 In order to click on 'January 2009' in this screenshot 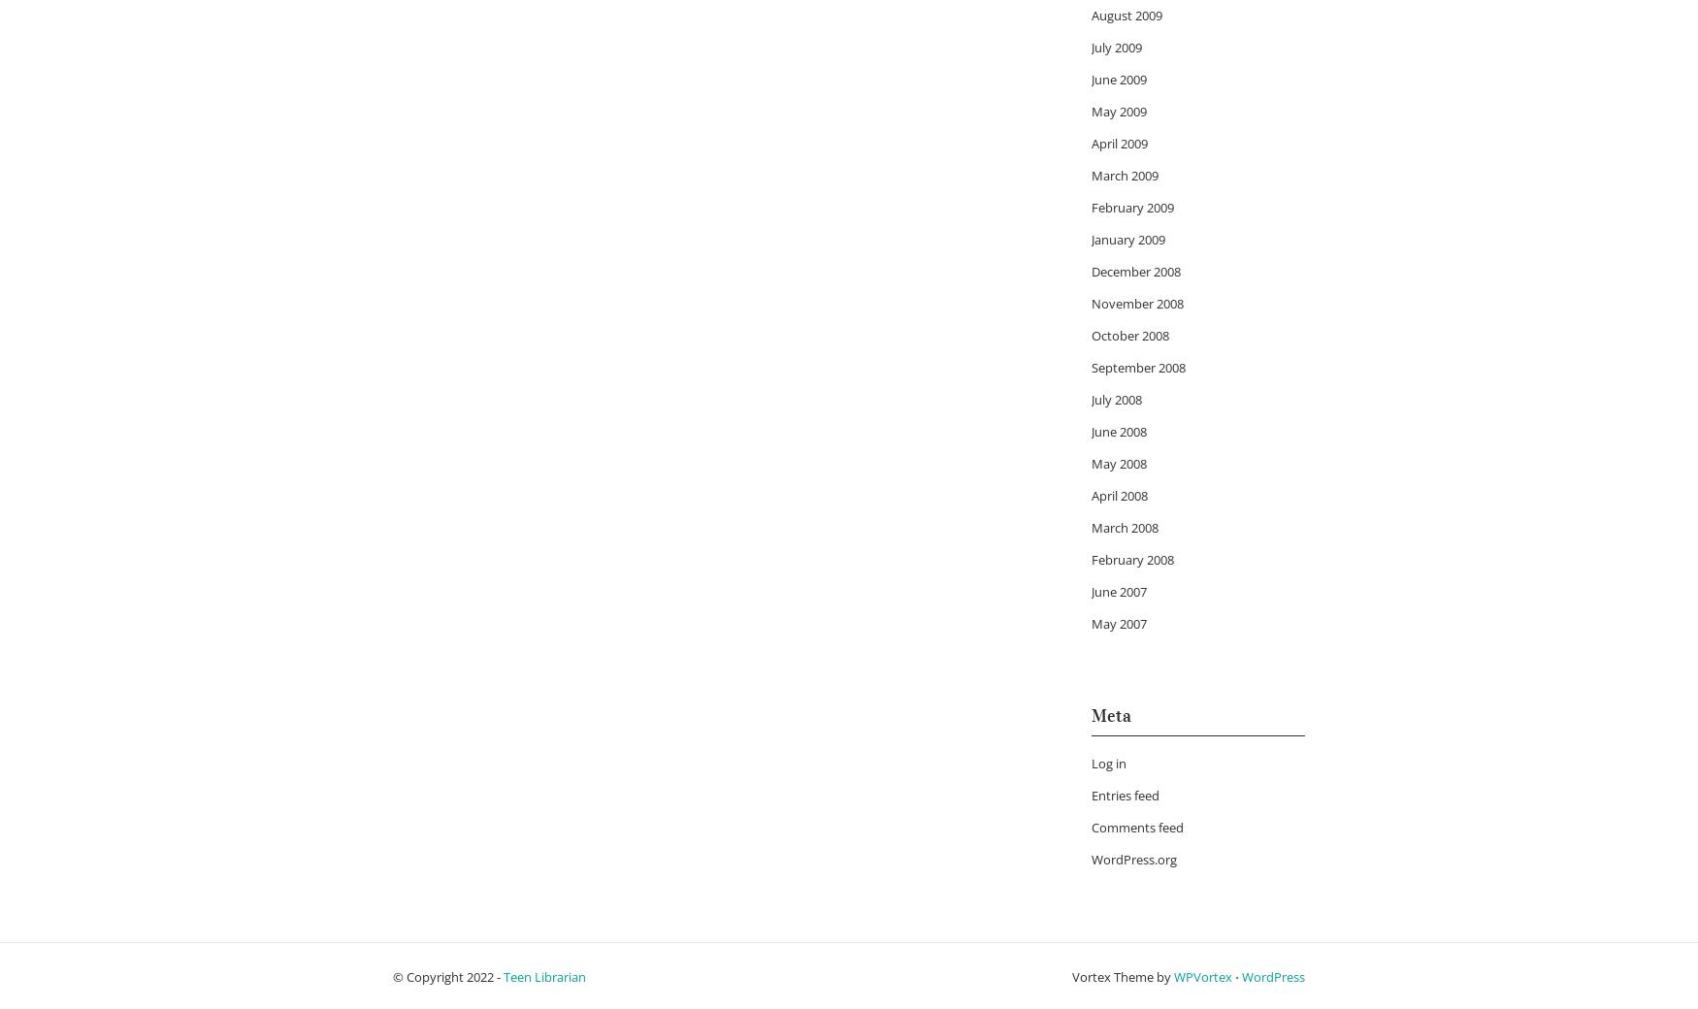, I will do `click(1127, 238)`.